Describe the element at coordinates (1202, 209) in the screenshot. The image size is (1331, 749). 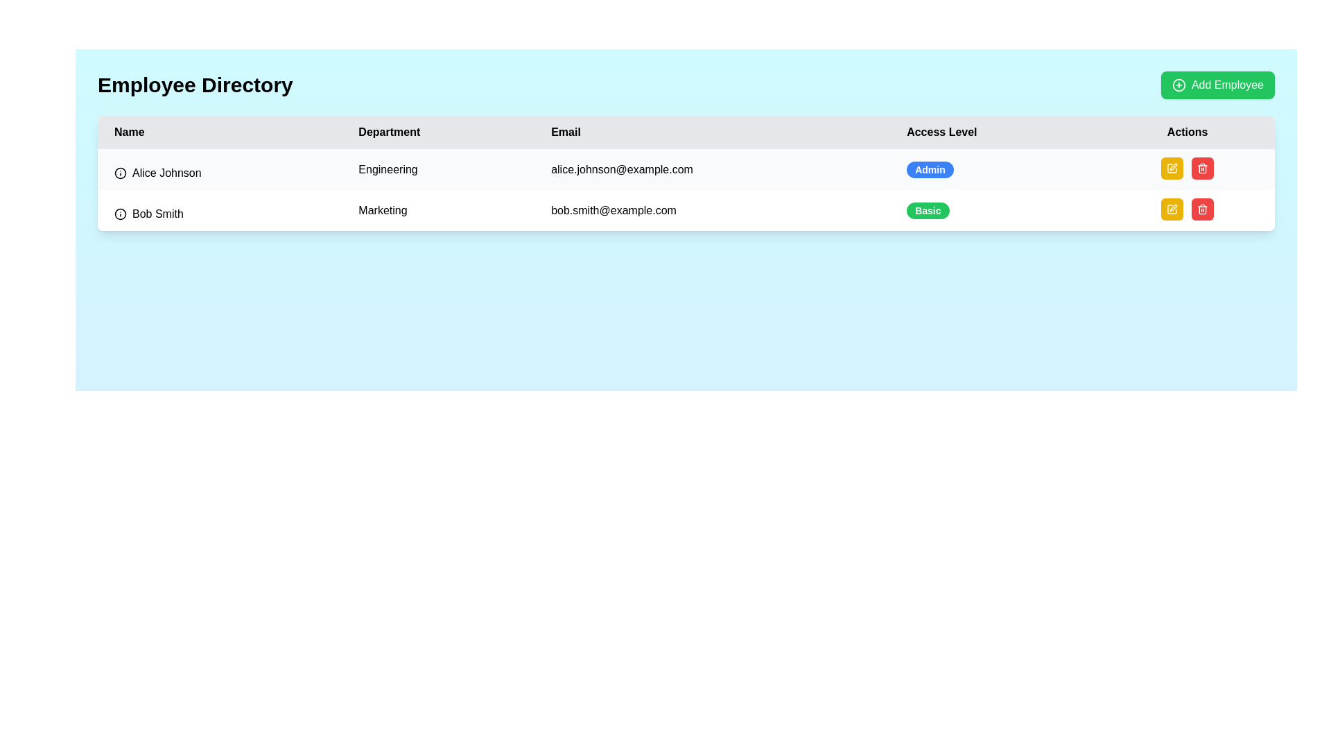
I see `the trash bin icon button with a red background located in the last column of the table, corresponding to the 'Bob Smith' entry` at that location.